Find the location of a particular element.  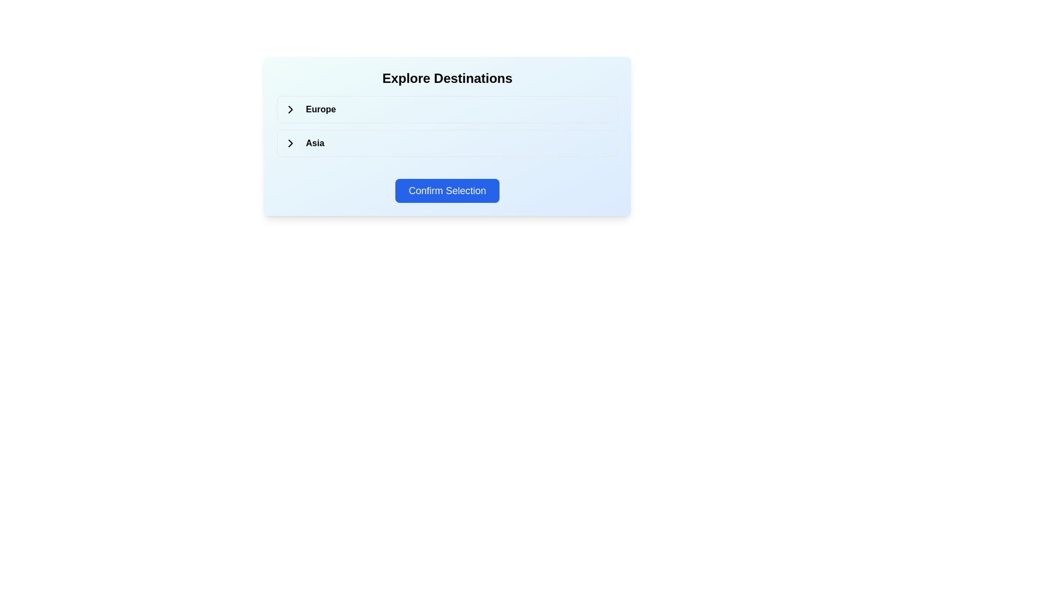

the chevron-right icon located to the left of the text 'Europe' is located at coordinates (290, 109).